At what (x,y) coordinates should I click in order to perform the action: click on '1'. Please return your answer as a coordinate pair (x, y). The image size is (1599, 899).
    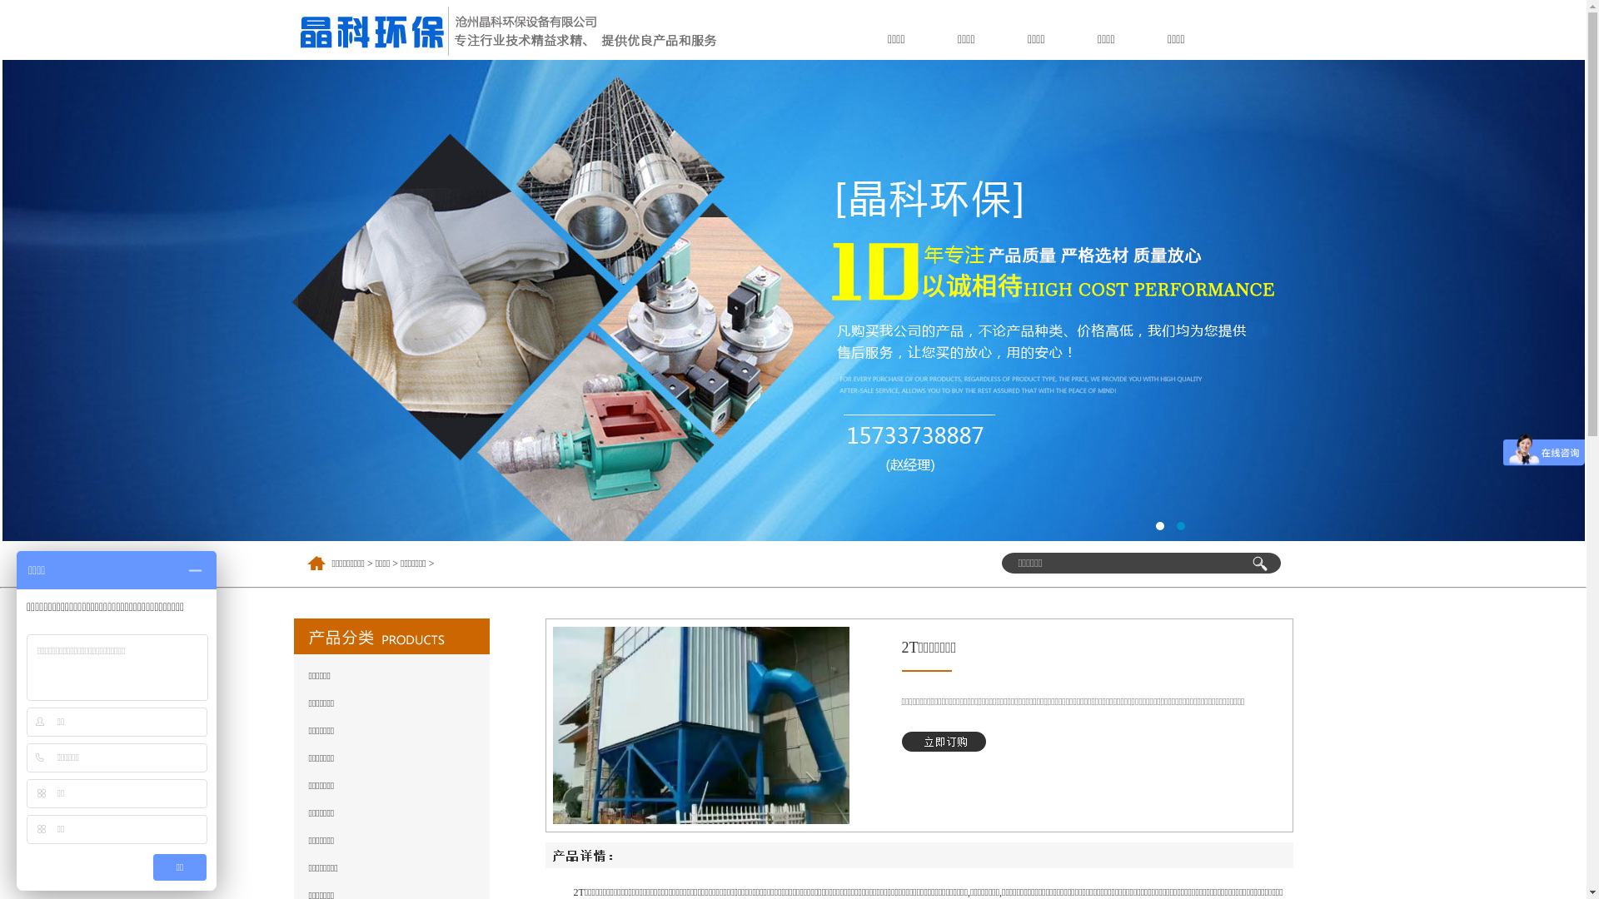
    Looking at the image, I should click on (1154, 526).